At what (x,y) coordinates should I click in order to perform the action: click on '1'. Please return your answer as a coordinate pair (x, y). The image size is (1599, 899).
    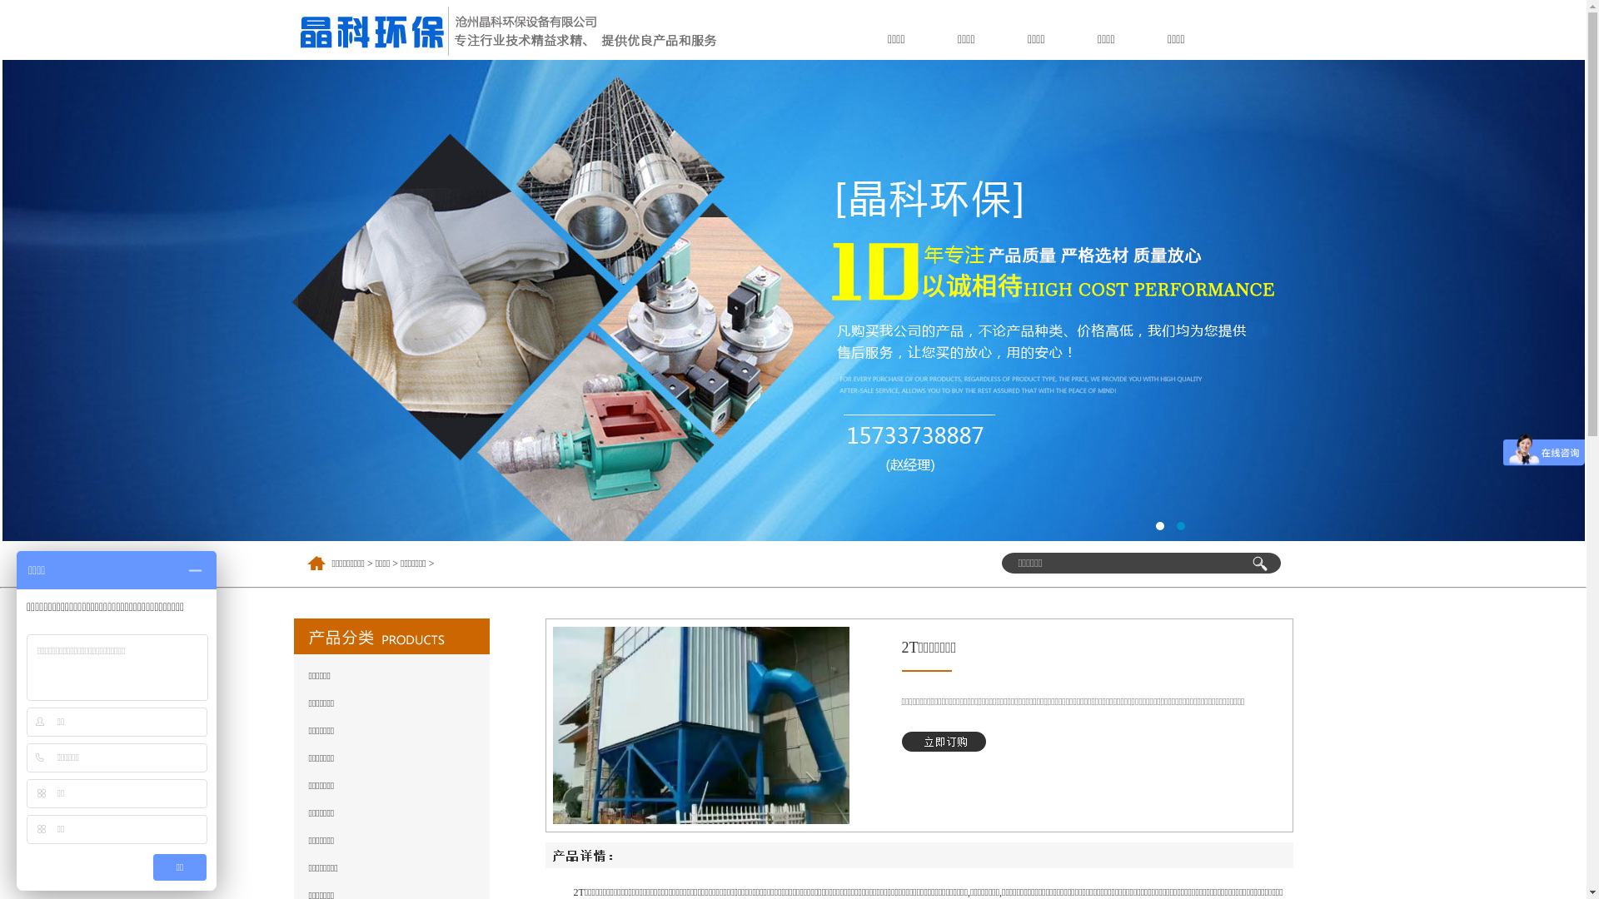
    Looking at the image, I should click on (1154, 526).